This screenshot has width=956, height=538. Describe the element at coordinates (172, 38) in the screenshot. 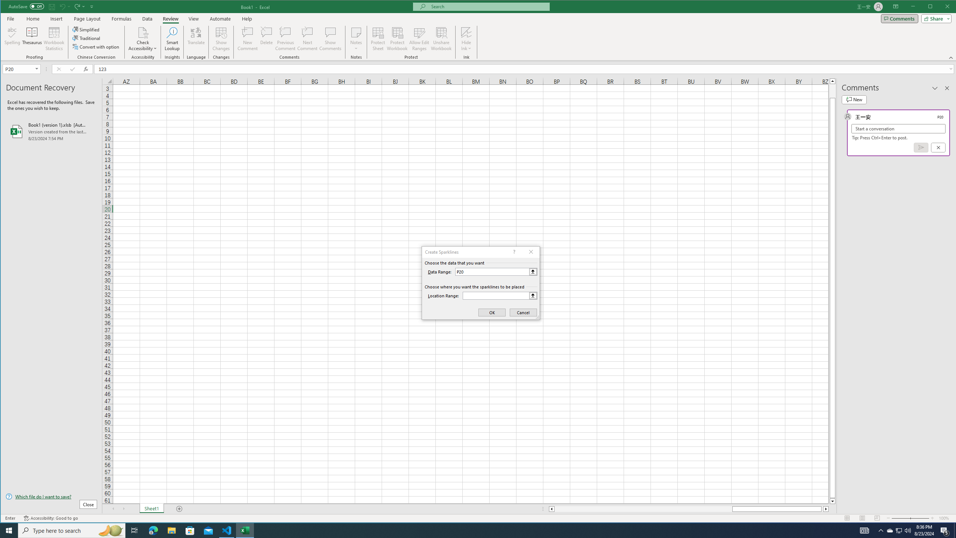

I see `'Smart Lookup'` at that location.